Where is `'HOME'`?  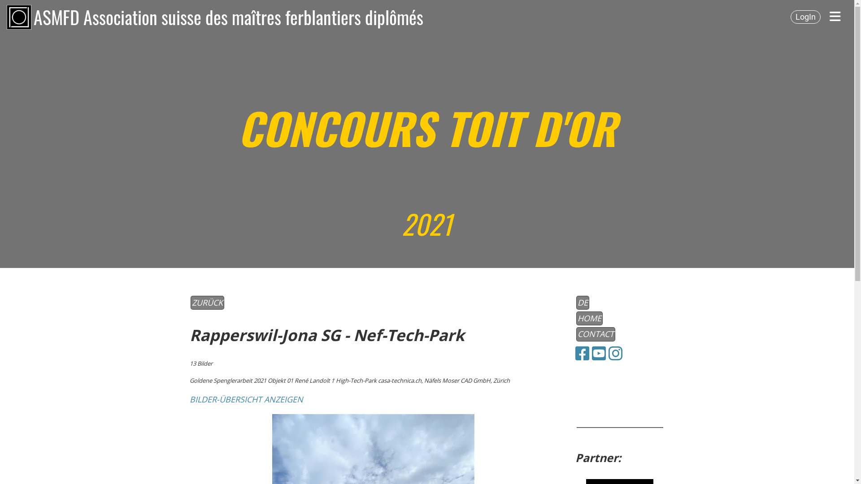
'HOME' is located at coordinates (575, 318).